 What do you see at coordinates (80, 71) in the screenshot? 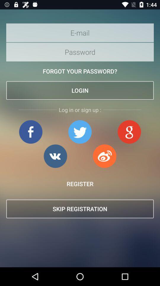
I see `forgot your password? button` at bounding box center [80, 71].